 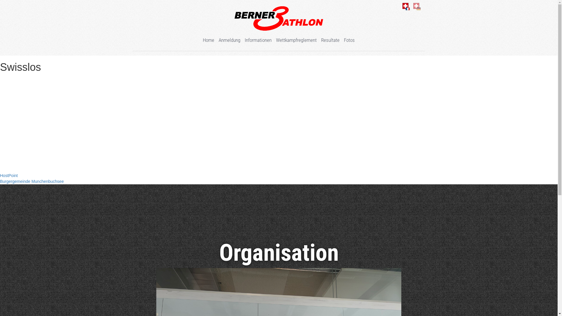 What do you see at coordinates (9, 175) in the screenshot?
I see `'HostPoint'` at bounding box center [9, 175].